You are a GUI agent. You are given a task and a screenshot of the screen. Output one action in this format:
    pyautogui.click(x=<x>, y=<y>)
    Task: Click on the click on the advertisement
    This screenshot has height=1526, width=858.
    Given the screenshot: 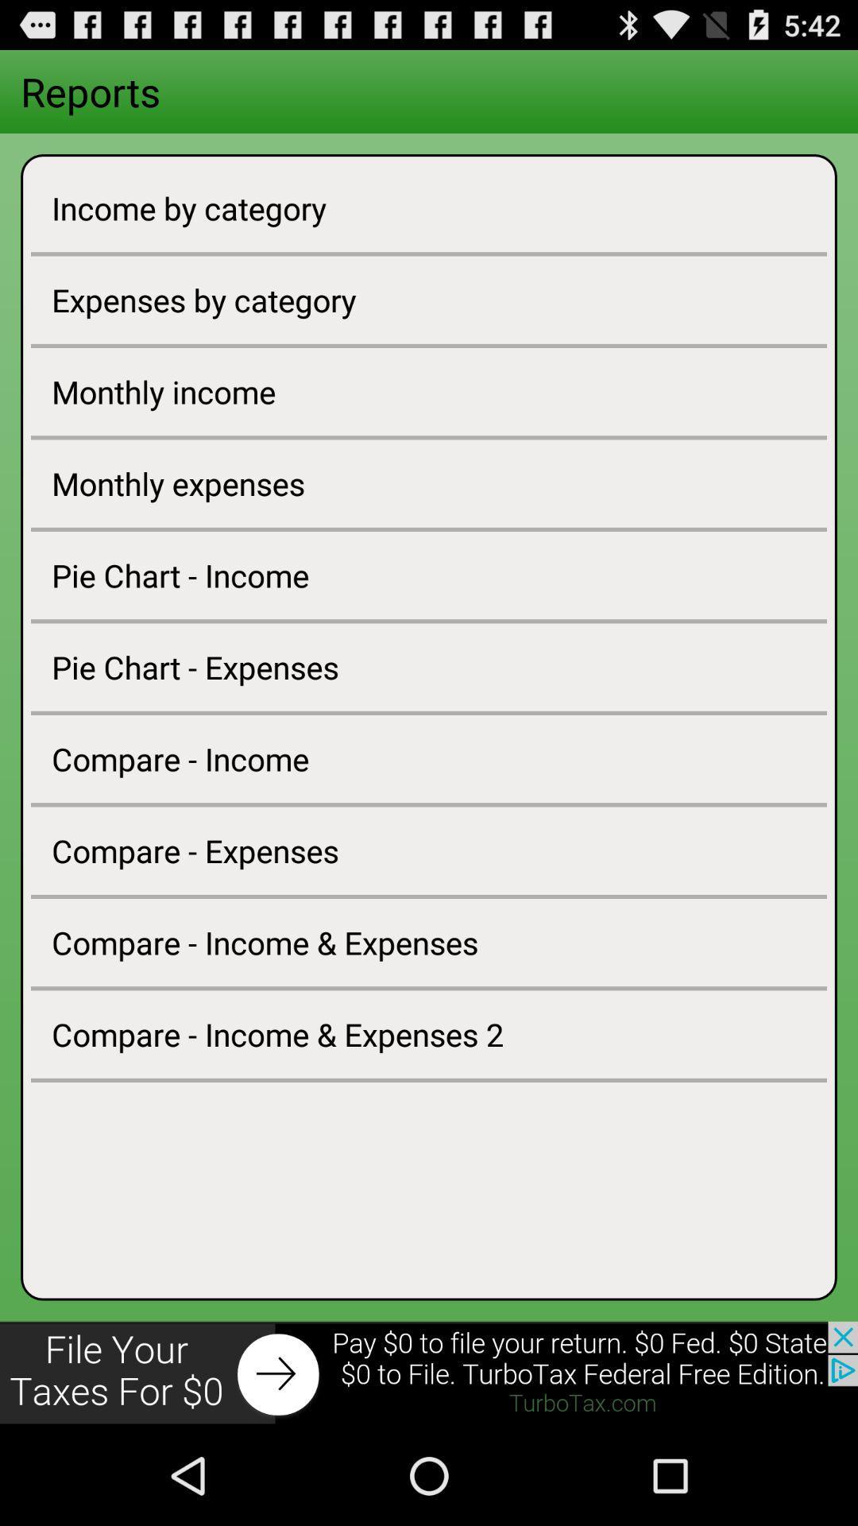 What is the action you would take?
    pyautogui.click(x=429, y=1373)
    